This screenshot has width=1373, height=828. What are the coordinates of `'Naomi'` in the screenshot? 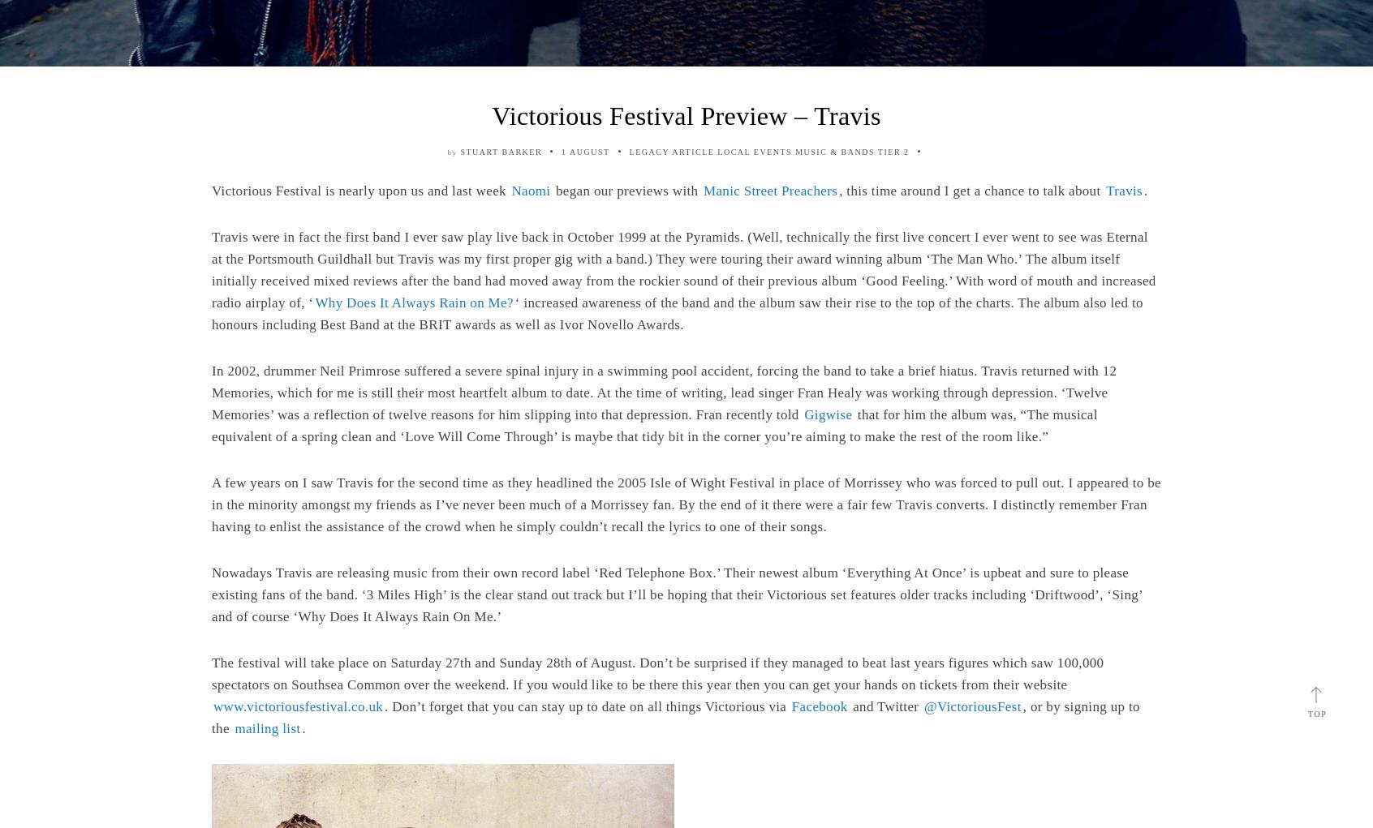 It's located at (530, 191).